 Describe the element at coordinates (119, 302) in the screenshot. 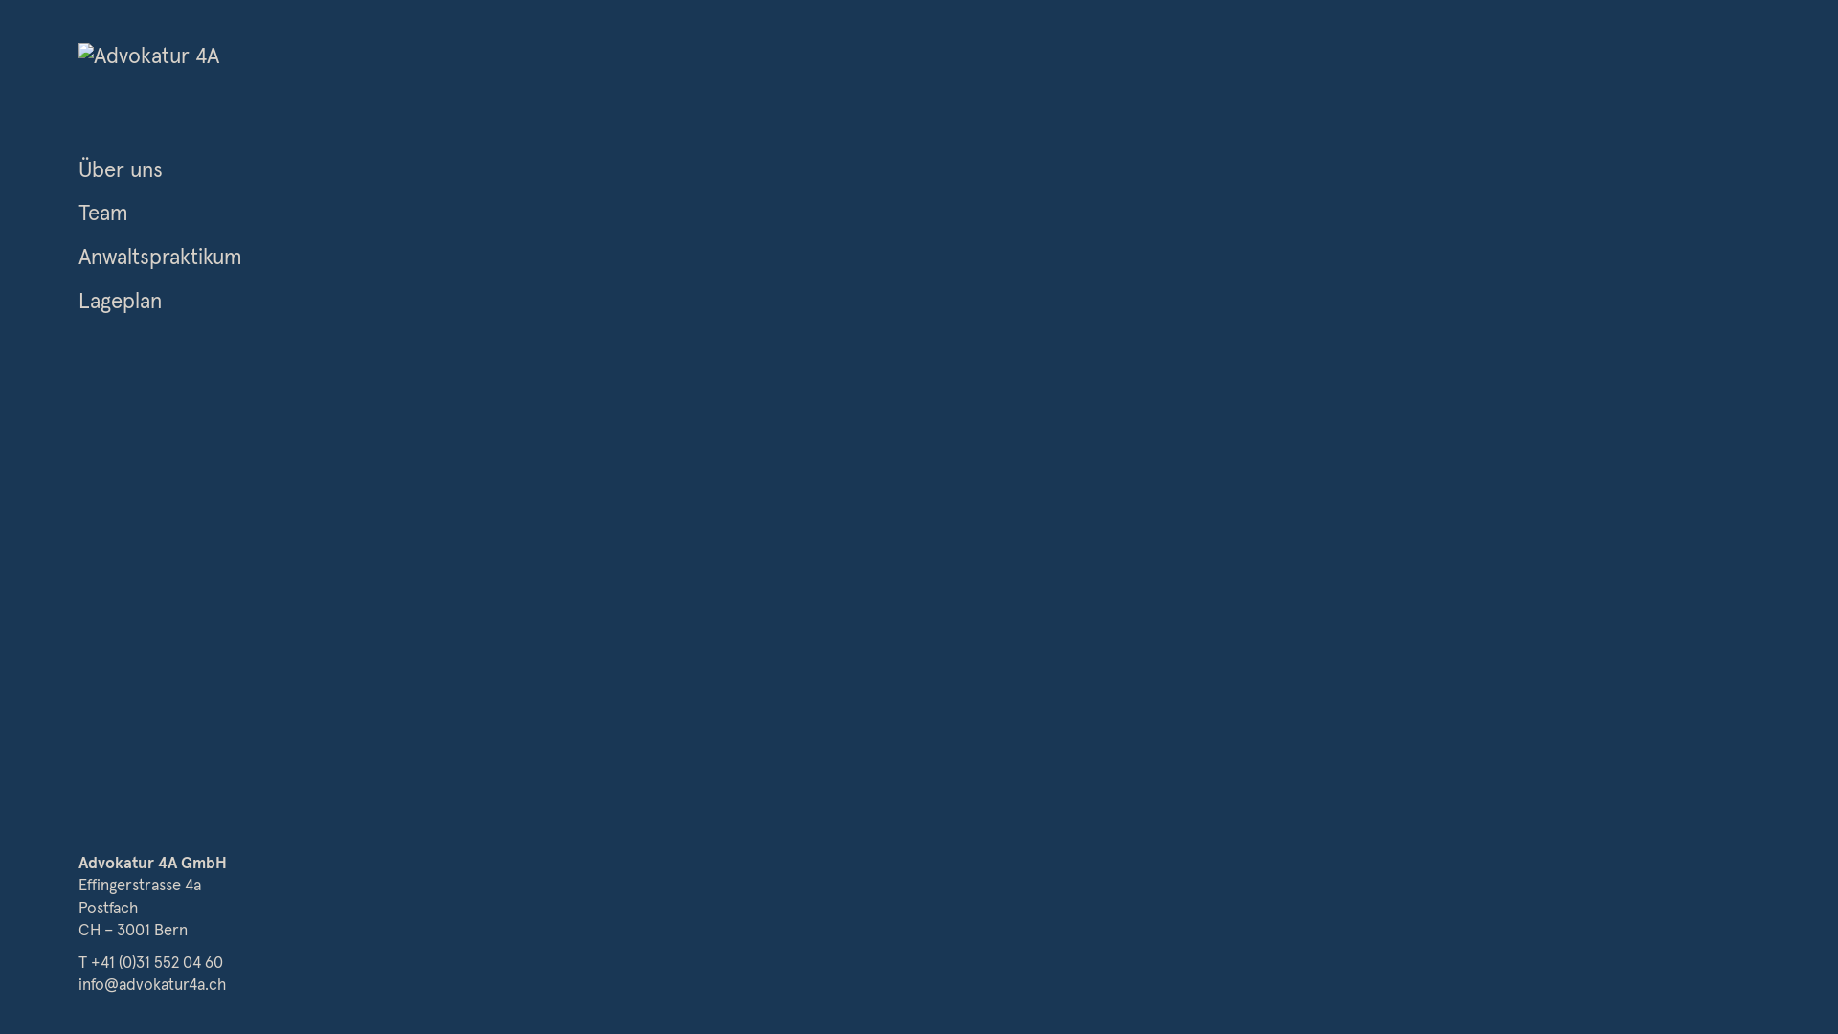

I see `'Lageplan'` at that location.